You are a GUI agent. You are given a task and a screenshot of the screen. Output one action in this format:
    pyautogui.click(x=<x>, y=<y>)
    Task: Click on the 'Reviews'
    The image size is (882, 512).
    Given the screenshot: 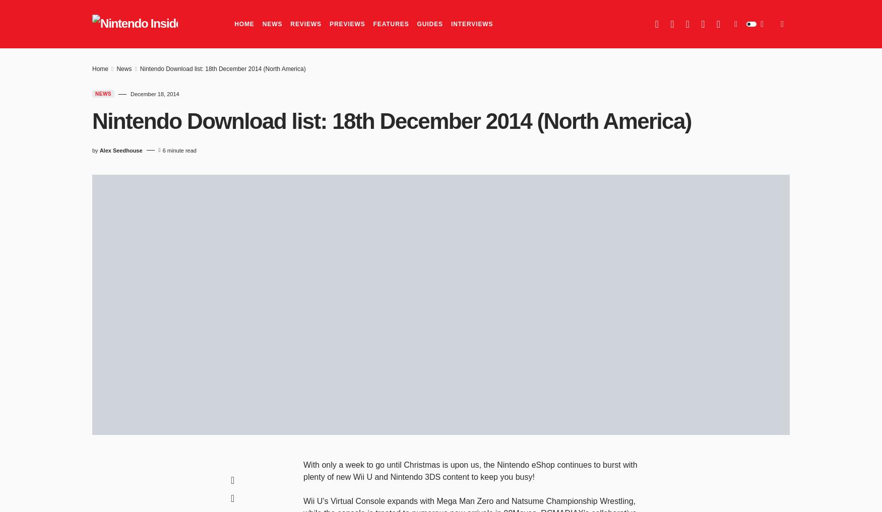 What is the action you would take?
    pyautogui.click(x=306, y=24)
    